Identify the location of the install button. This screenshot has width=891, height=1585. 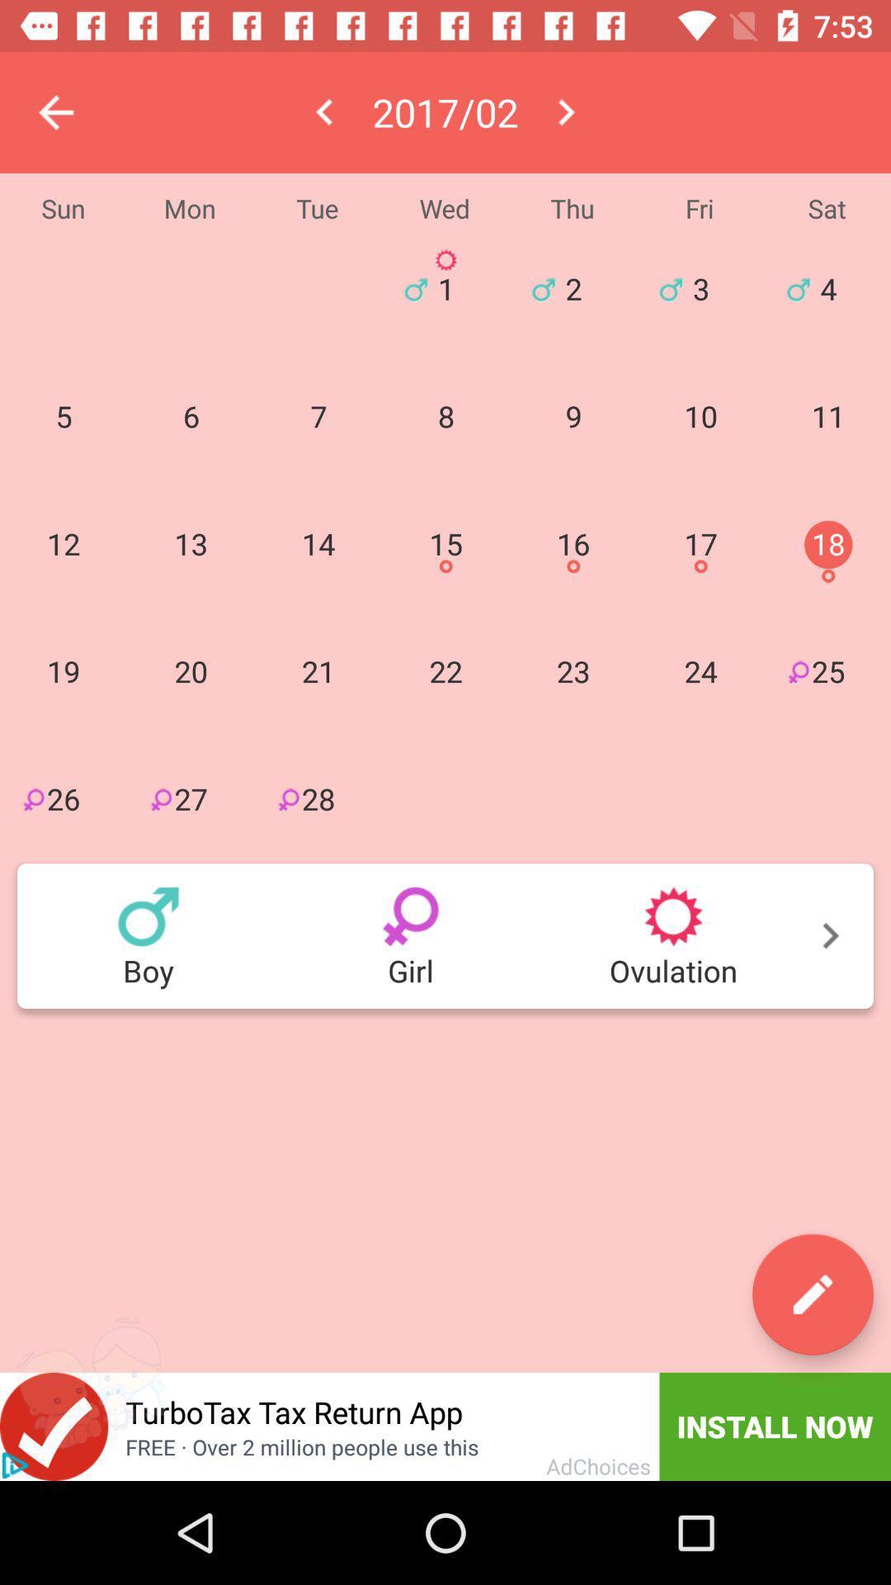
(775, 1426).